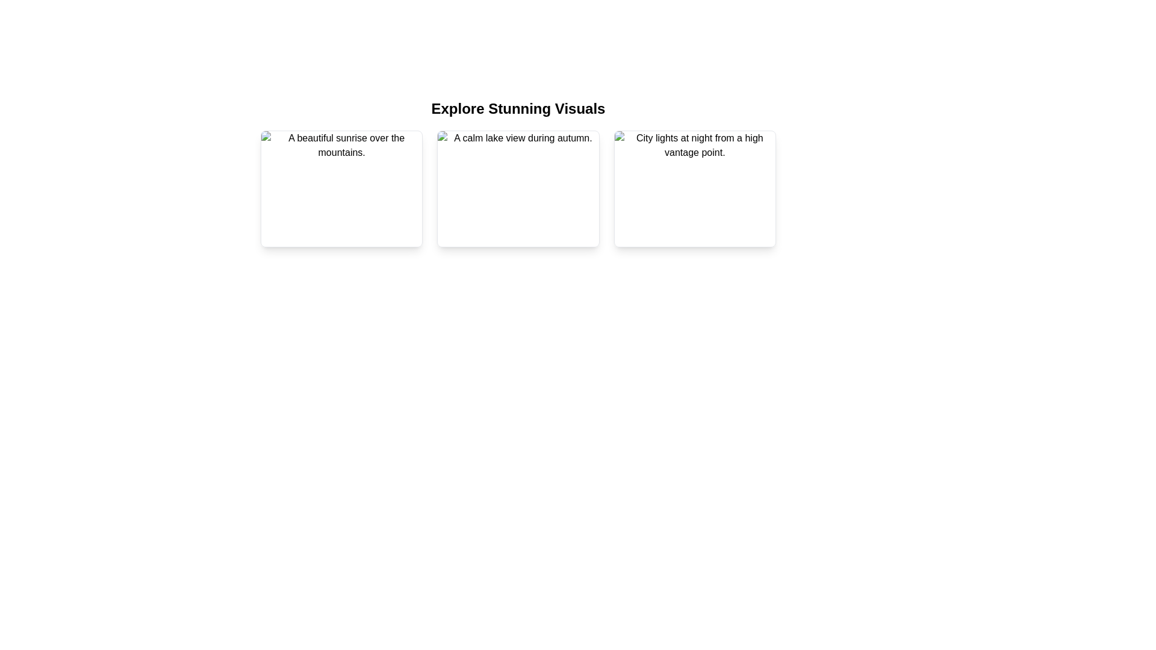 This screenshot has height=650, width=1156. Describe the element at coordinates (341, 188) in the screenshot. I see `the first content card in the grid layout` at that location.